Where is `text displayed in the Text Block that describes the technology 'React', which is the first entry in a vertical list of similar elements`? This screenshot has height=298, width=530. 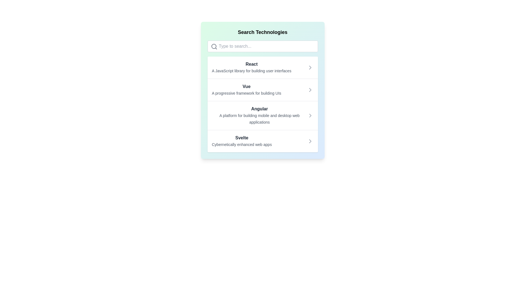 text displayed in the Text Block that describes the technology 'React', which is the first entry in a vertical list of similar elements is located at coordinates (251, 67).